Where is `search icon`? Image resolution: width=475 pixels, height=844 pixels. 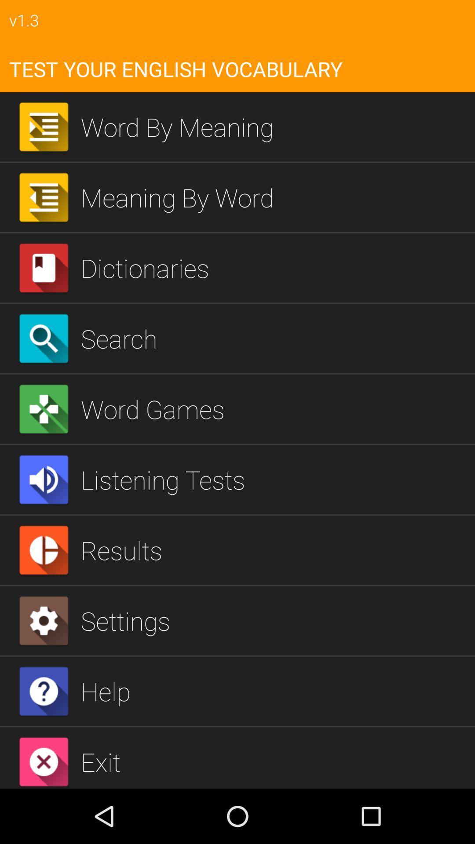
search icon is located at coordinates (274, 338).